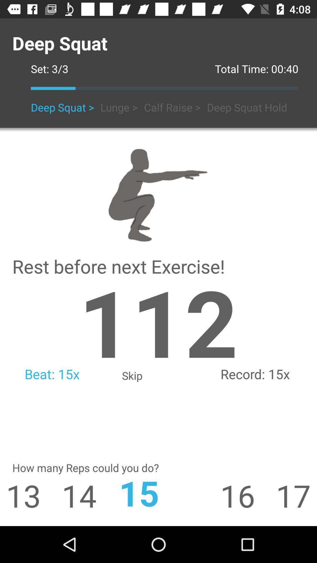 Image resolution: width=317 pixels, height=563 pixels. I want to click on the icon next to the 14 item, so click(20, 495).